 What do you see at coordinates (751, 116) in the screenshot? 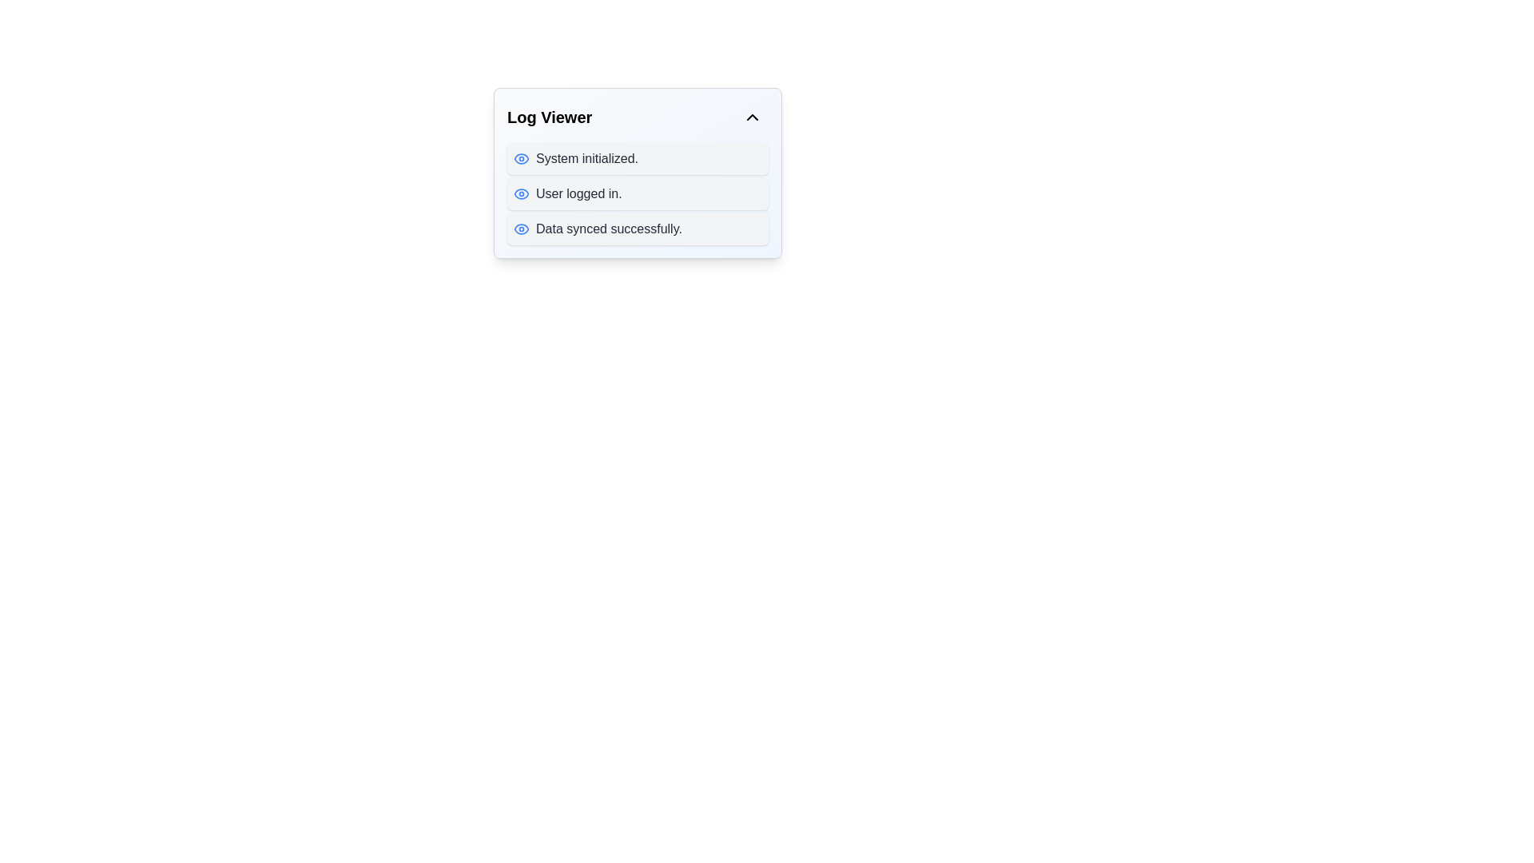
I see `the toggle button located at the top-right corner of the 'Log Viewer' panel` at bounding box center [751, 116].